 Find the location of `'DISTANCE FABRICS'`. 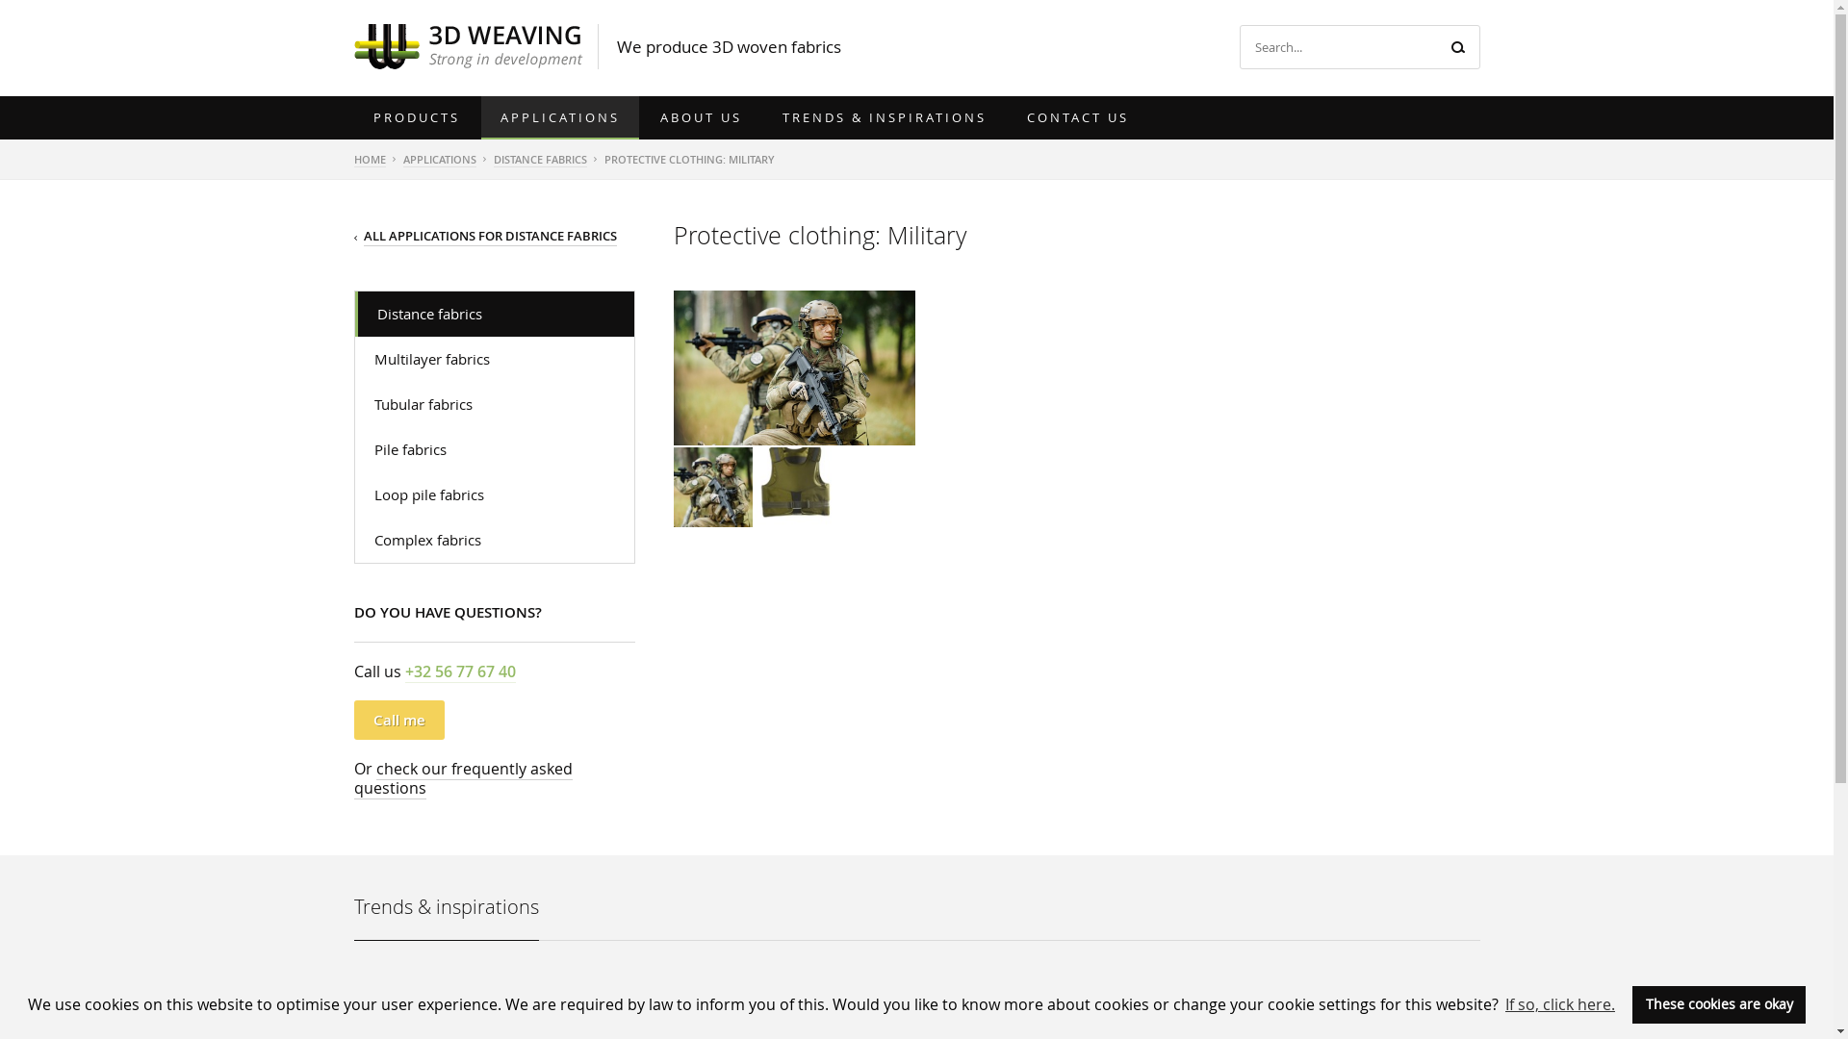

'DISTANCE FABRICS' is located at coordinates (493, 158).